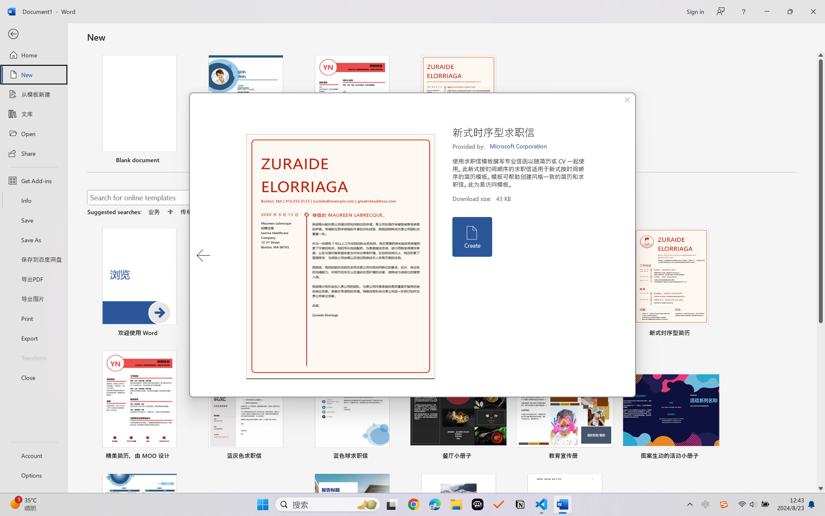 The height and width of the screenshot is (516, 825). What do you see at coordinates (33, 200) in the screenshot?
I see `'Info'` at bounding box center [33, 200].